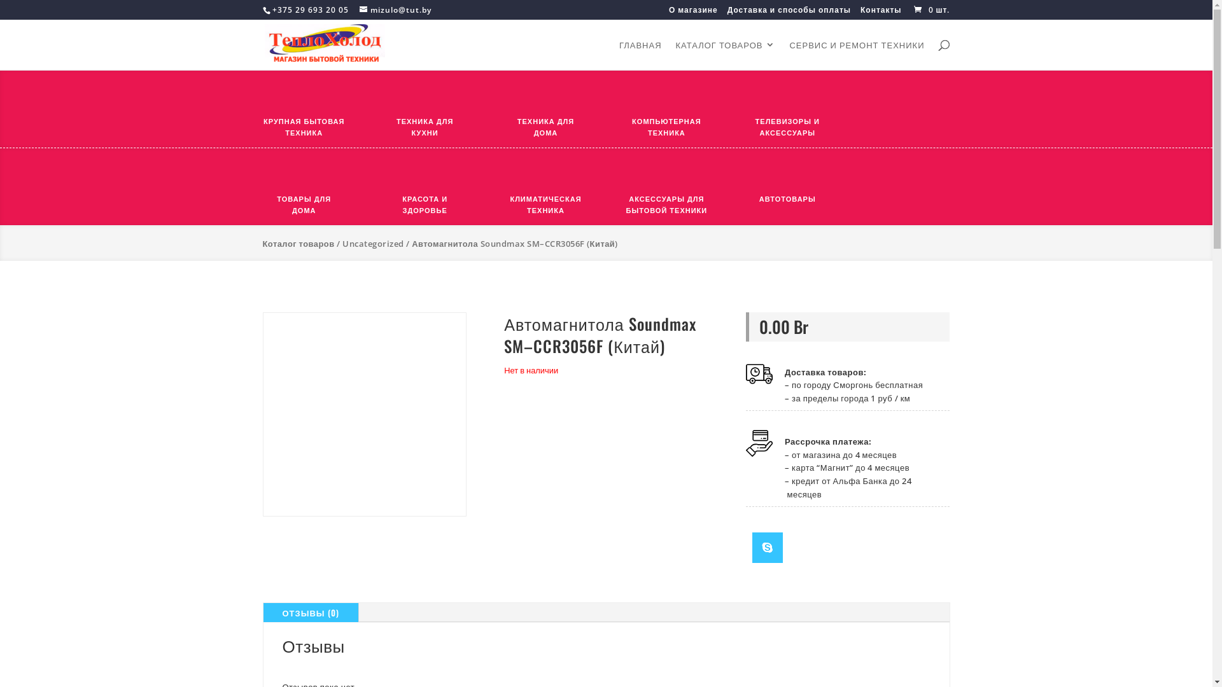  What do you see at coordinates (394, 10) in the screenshot?
I see `'mizulo@tut.by'` at bounding box center [394, 10].